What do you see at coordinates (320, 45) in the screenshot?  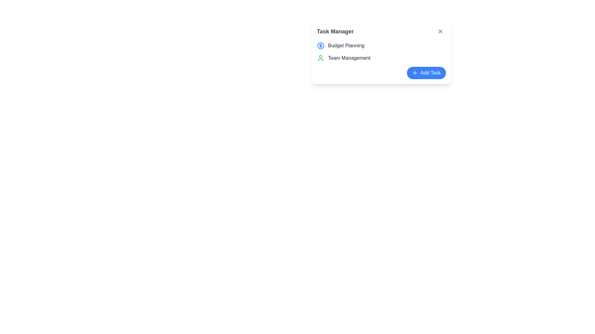 I see `the budget or financial planning icon located to the left of the 'Budget Planning' text` at bounding box center [320, 45].